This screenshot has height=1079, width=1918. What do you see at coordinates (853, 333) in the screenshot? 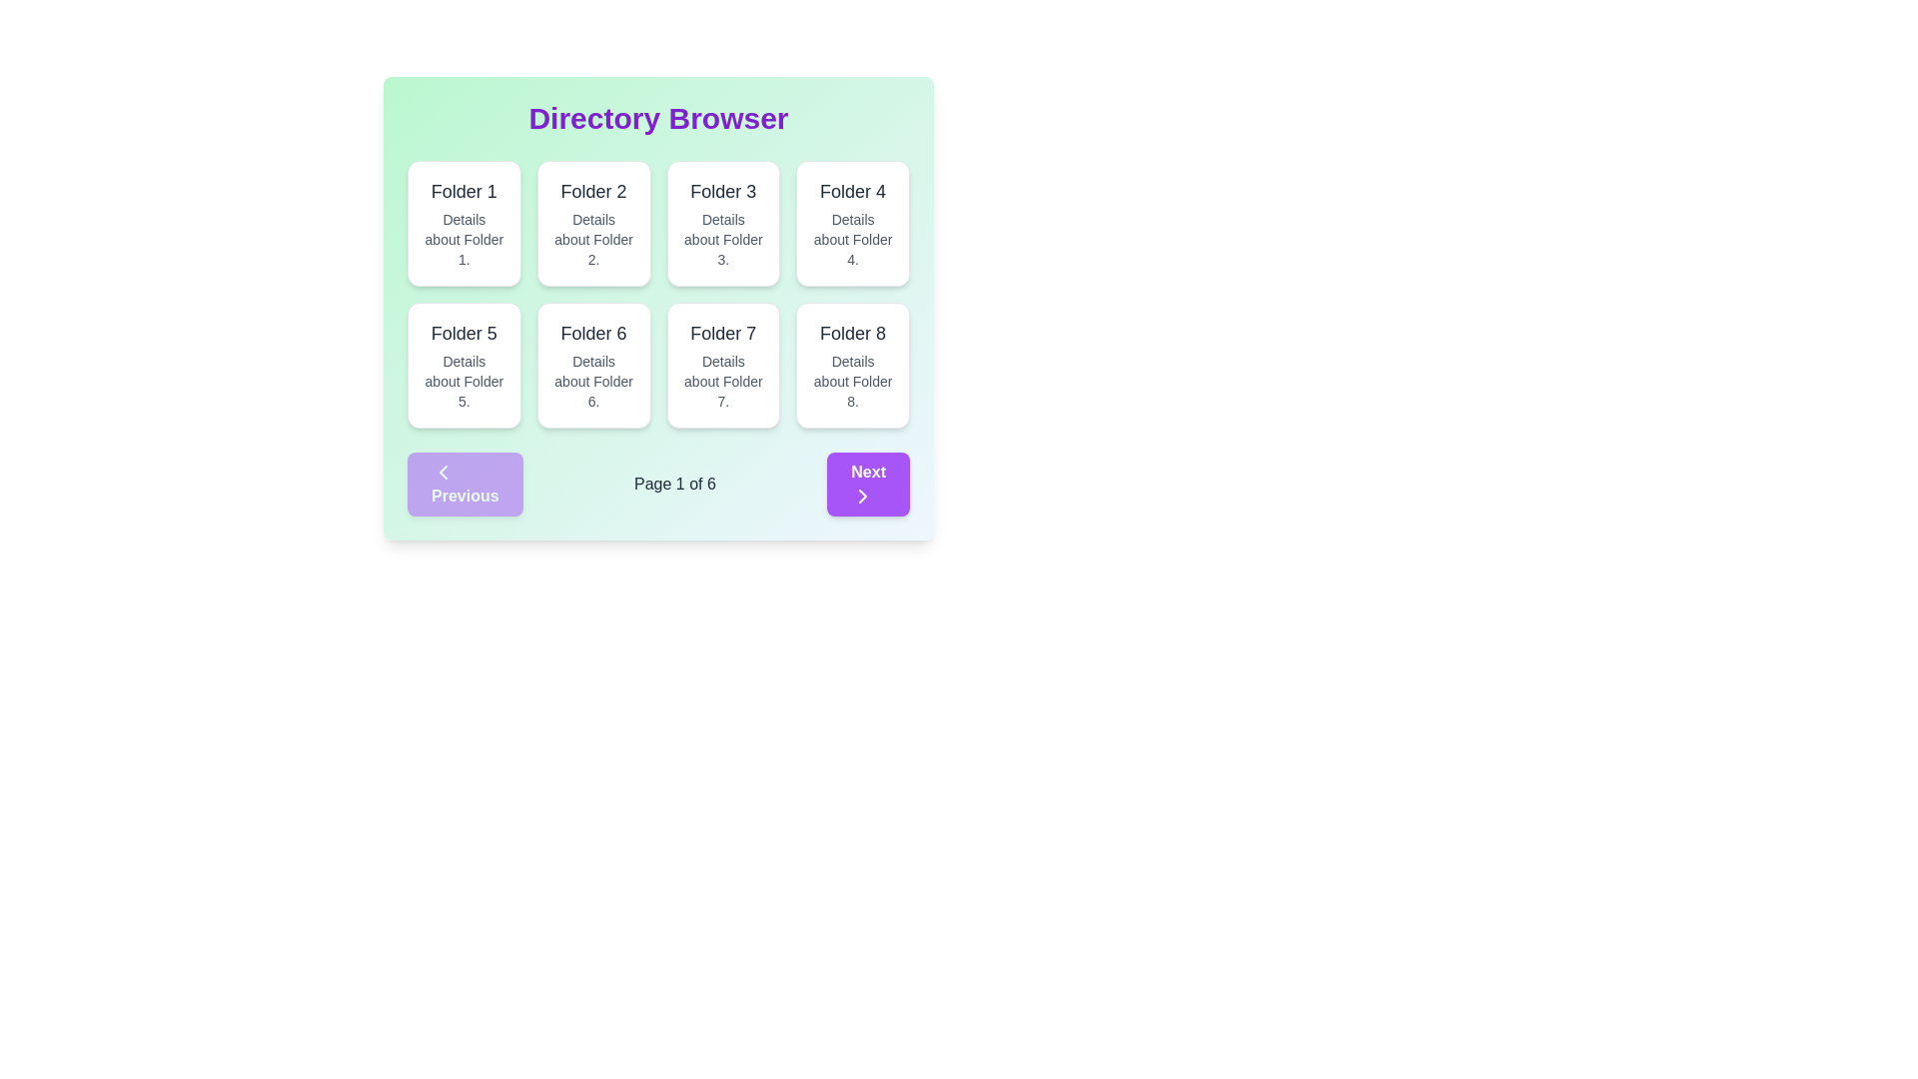
I see `the static text element displaying 'Folder 8', which is styled in bold and medium-sized font, located at the top center of the eighth card in the grid layout` at bounding box center [853, 333].